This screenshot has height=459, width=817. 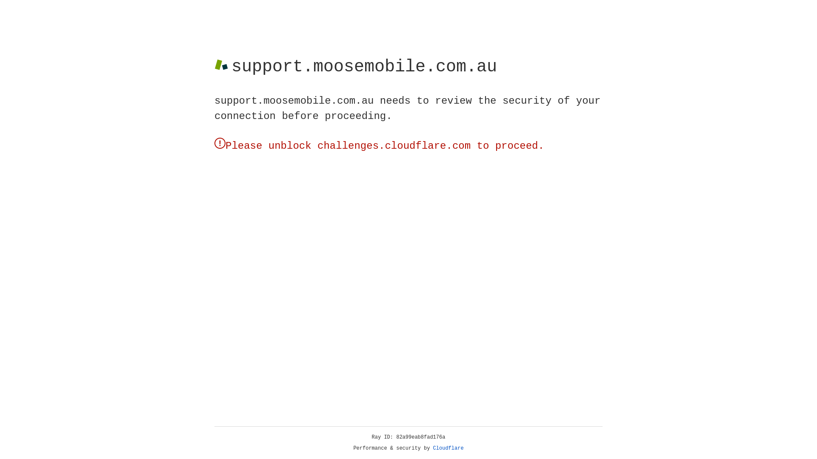 What do you see at coordinates (448, 448) in the screenshot?
I see `'Cloudflare'` at bounding box center [448, 448].